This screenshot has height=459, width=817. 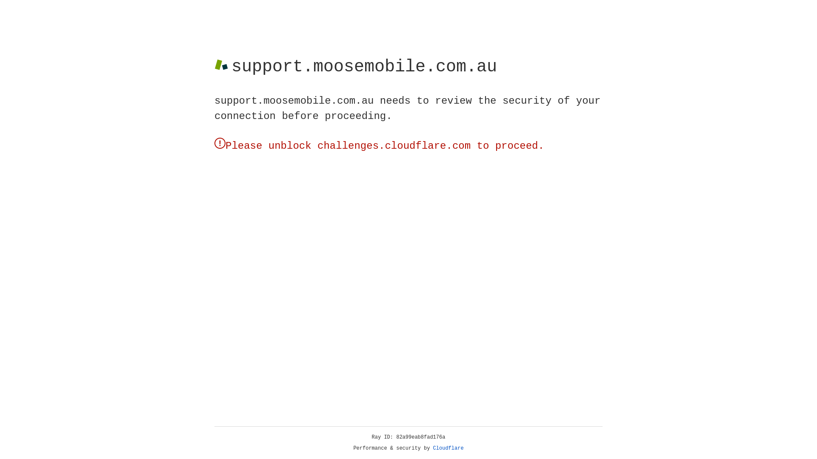 What do you see at coordinates (448, 448) in the screenshot?
I see `'Cloudflare'` at bounding box center [448, 448].